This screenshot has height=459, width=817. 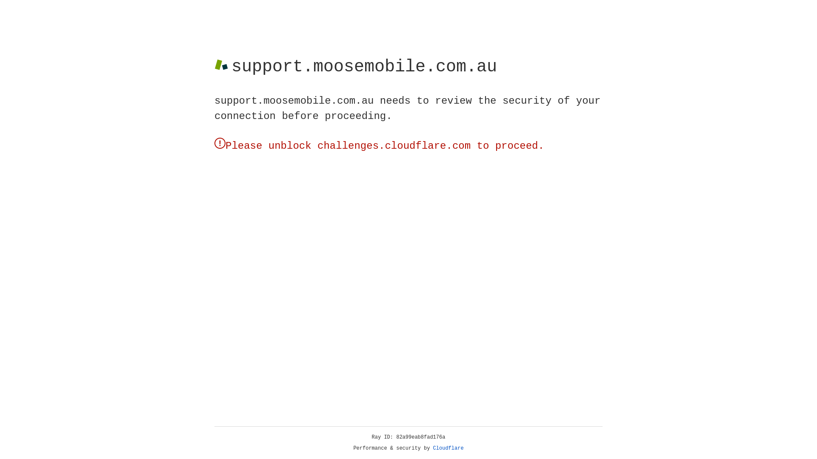 What do you see at coordinates (448, 448) in the screenshot?
I see `'Cloudflare'` at bounding box center [448, 448].